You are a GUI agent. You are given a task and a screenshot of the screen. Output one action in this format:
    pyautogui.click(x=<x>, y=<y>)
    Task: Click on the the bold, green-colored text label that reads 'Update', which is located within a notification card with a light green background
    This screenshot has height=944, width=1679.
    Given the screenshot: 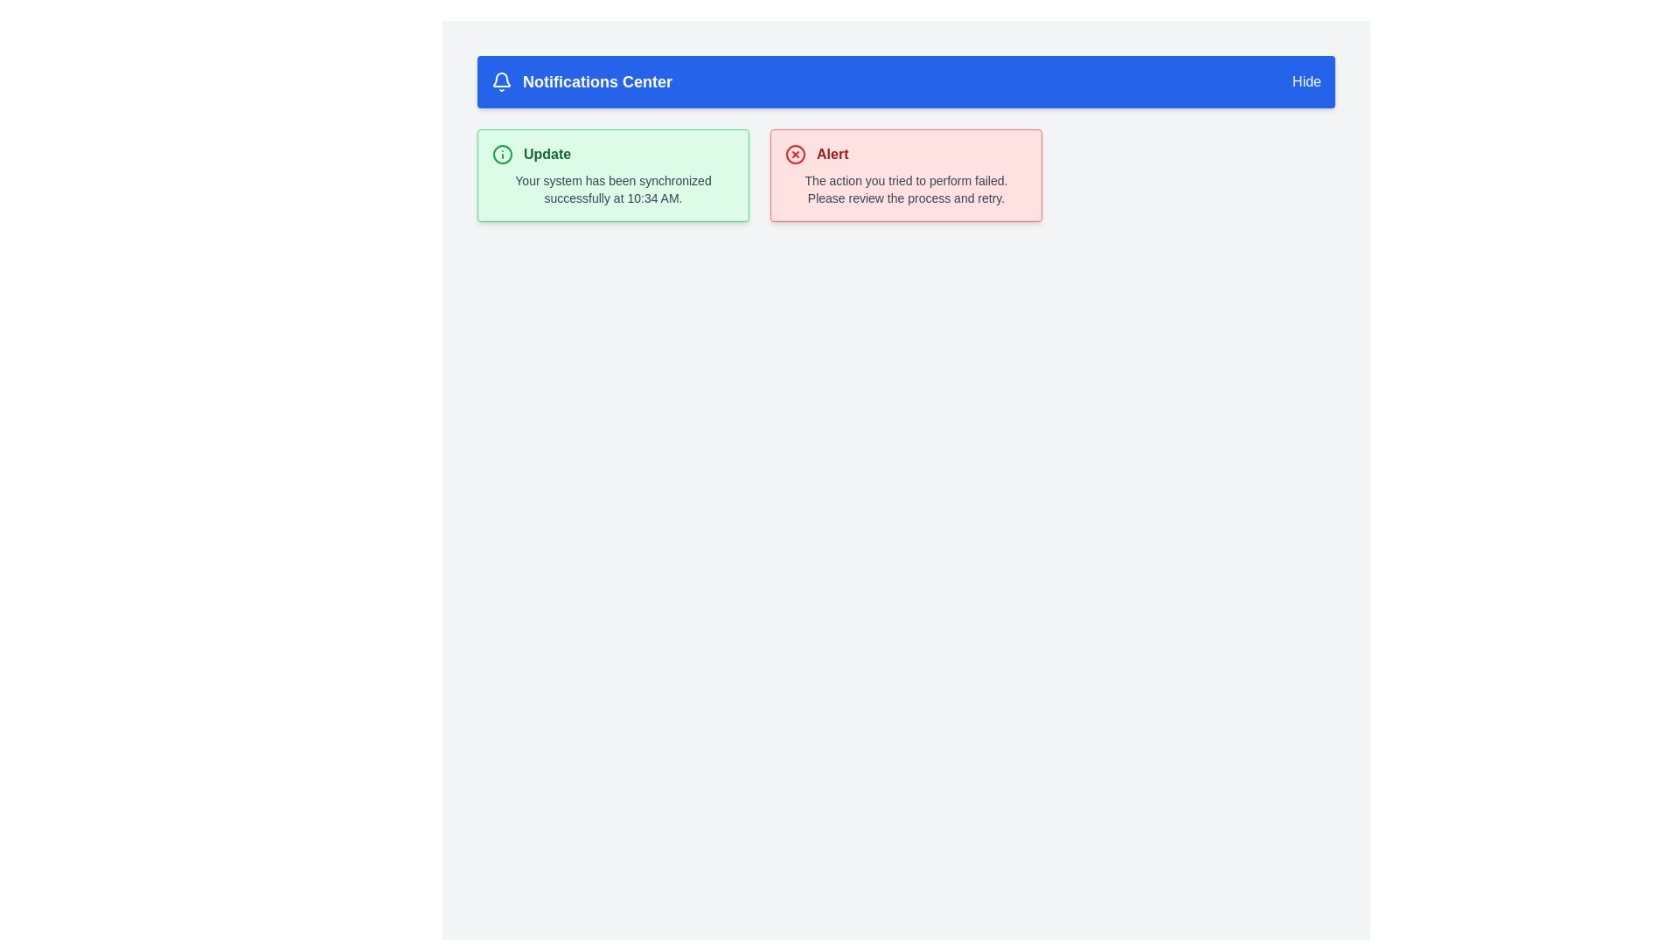 What is the action you would take?
    pyautogui.click(x=547, y=154)
    